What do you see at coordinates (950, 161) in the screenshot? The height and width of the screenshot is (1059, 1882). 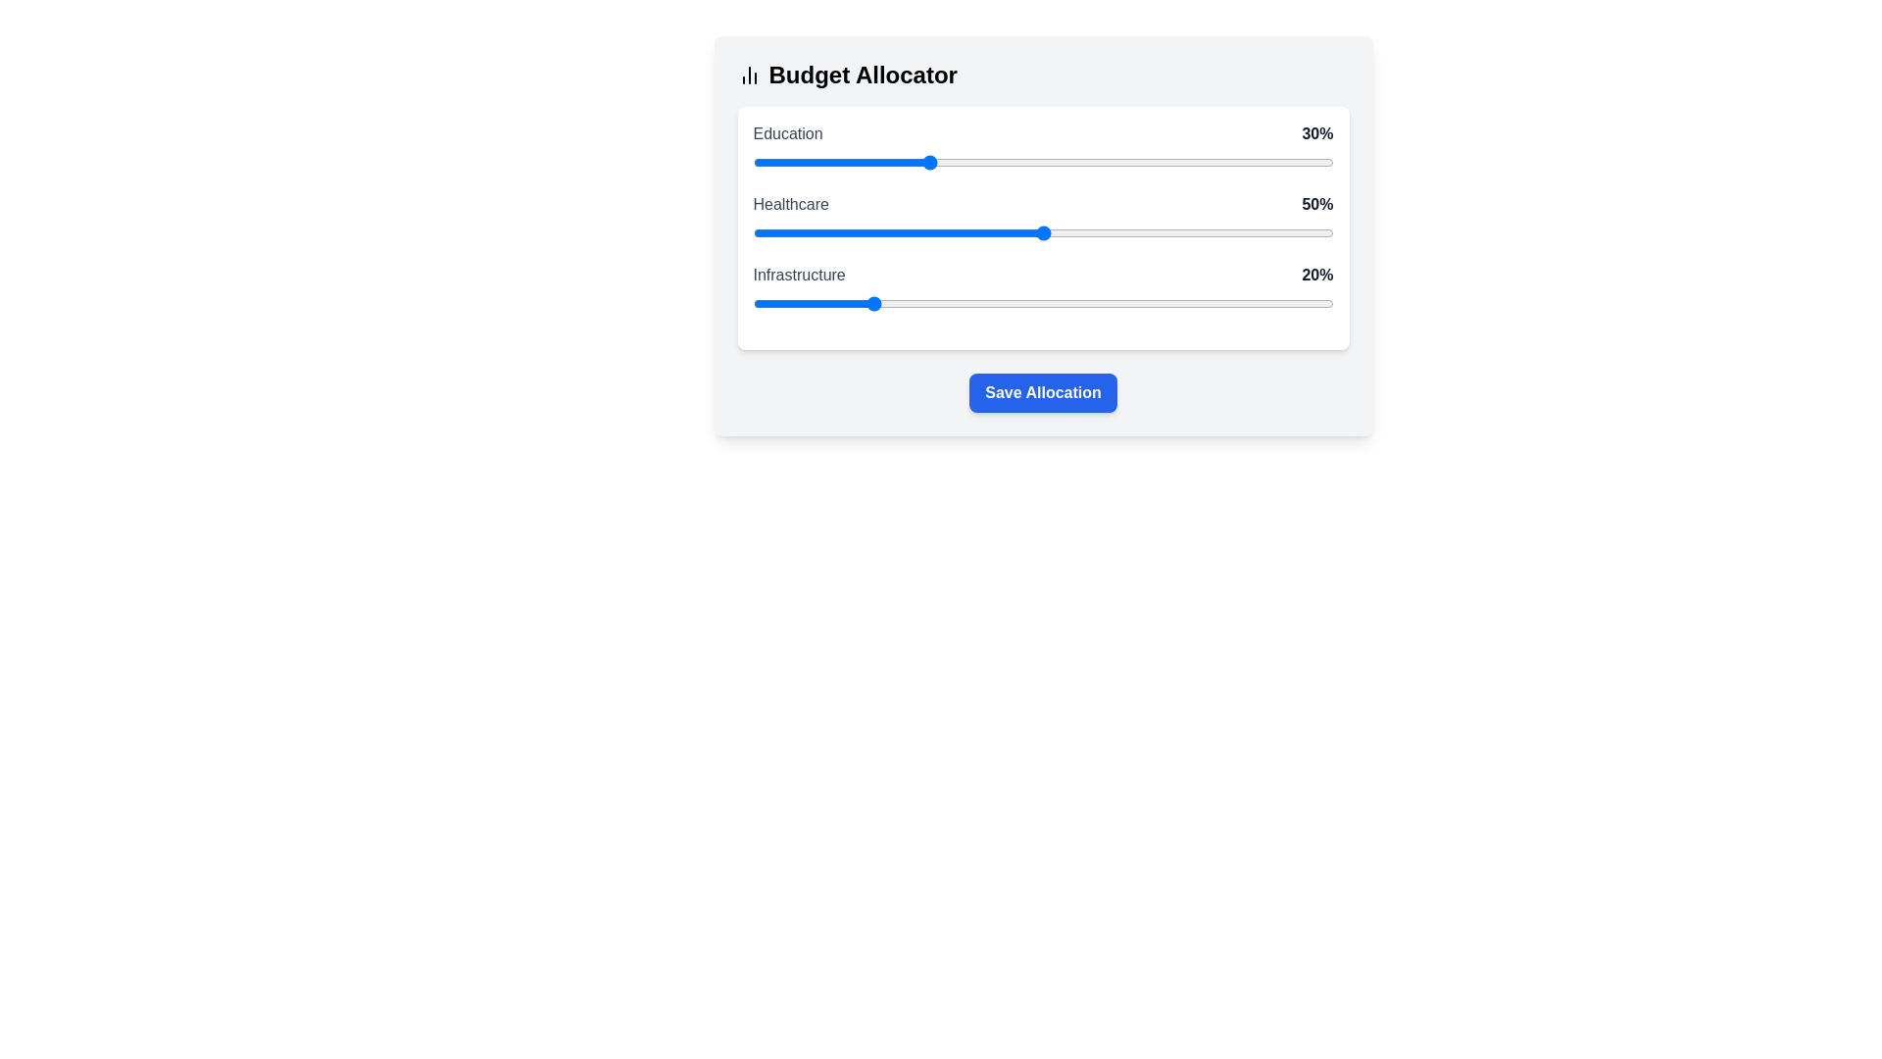 I see `the education slider` at bounding box center [950, 161].